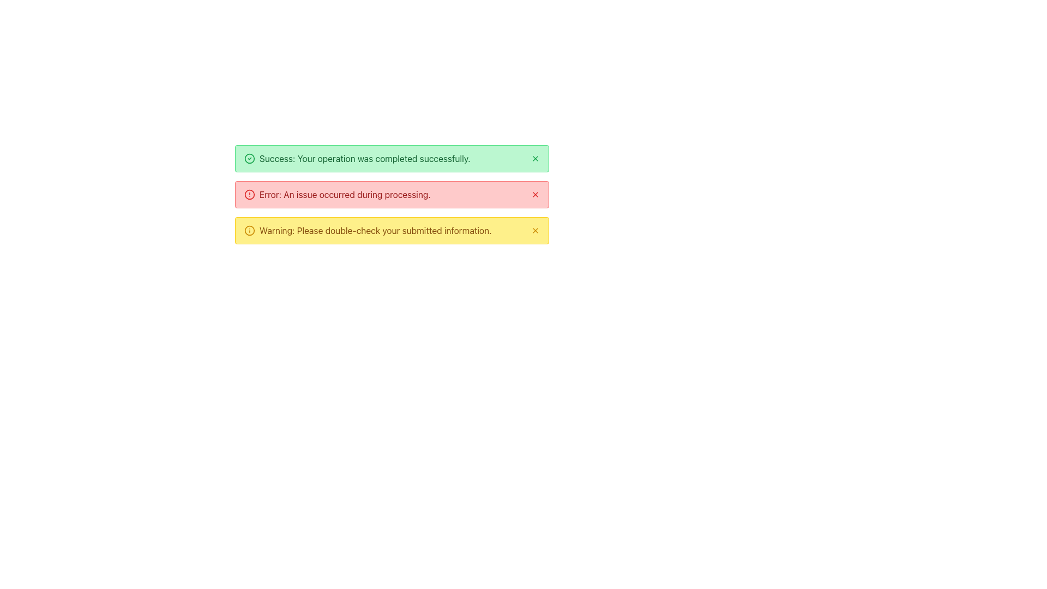  Describe the element at coordinates (249, 158) in the screenshot. I see `the decorative circle element of the 'Success' notification SVG icon located at the left side of the message box adjacent to the text 'Success: Your operation was completed successfully.'` at that location.